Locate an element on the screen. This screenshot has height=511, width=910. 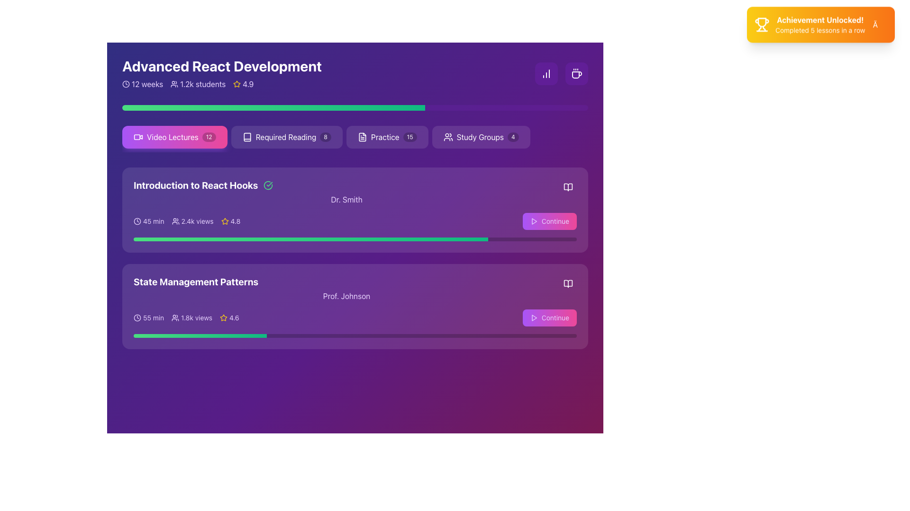
the small, rounded badge with a semi-transparent black background displaying the number '15', located to the far right of the 'Practice' button is located at coordinates (410, 137).